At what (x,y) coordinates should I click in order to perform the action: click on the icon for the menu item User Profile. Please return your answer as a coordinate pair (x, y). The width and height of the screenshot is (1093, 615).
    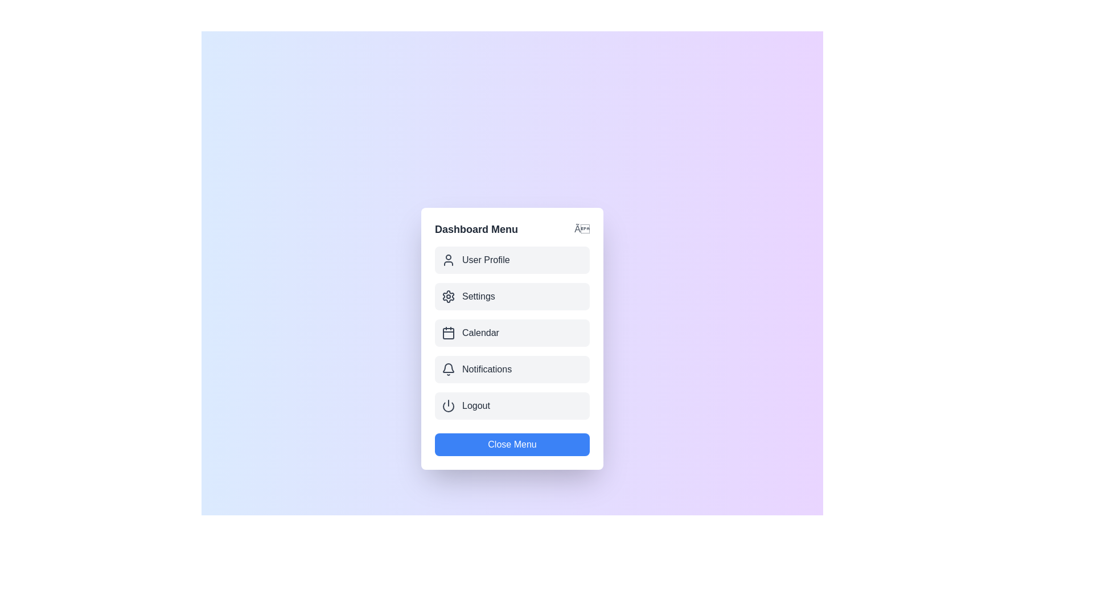
    Looking at the image, I should click on (447, 260).